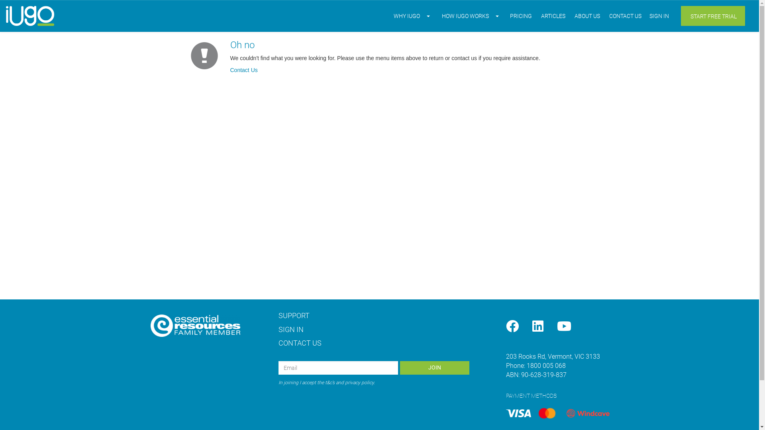  What do you see at coordinates (660, 16) in the screenshot?
I see `'SIGN IN'` at bounding box center [660, 16].